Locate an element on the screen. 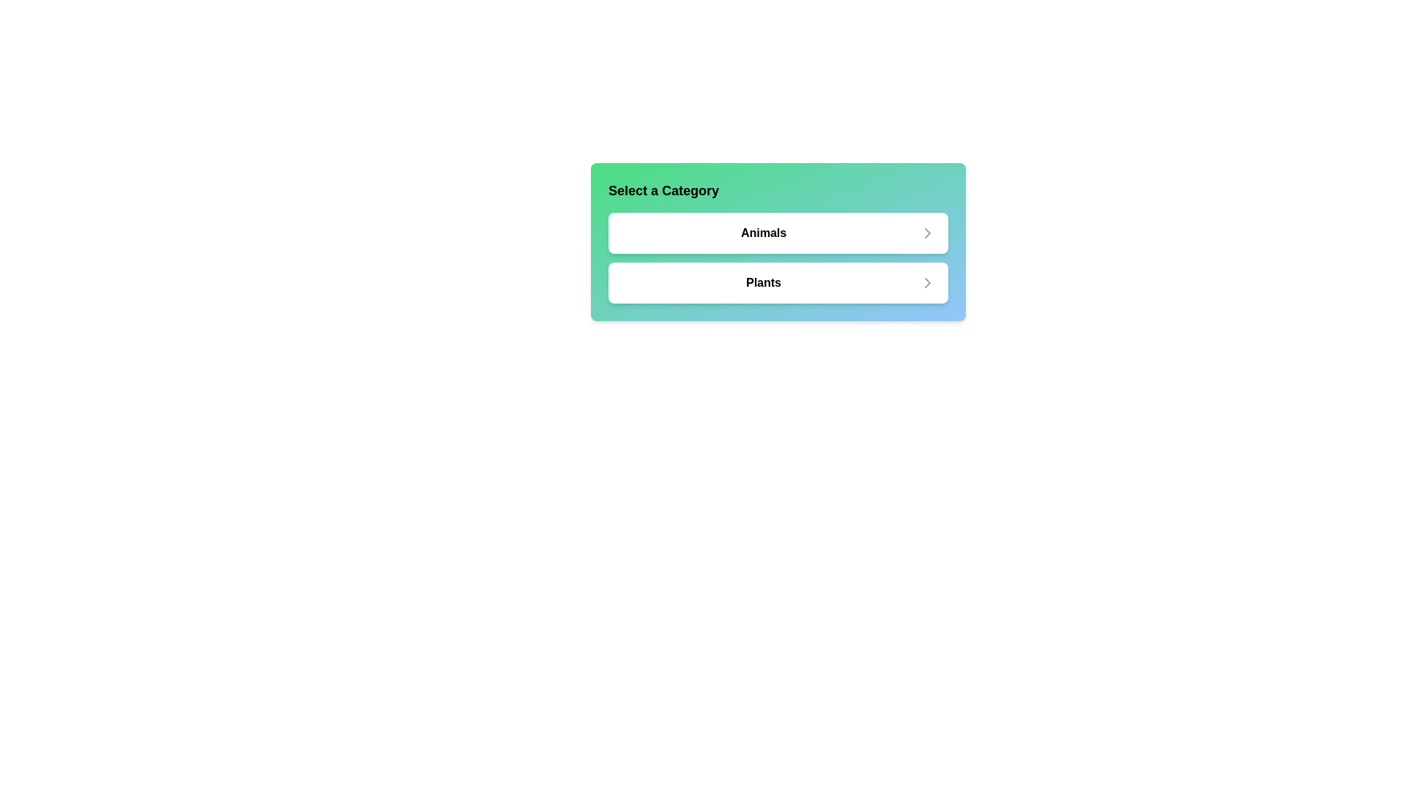 This screenshot has width=1406, height=790. the Right-chevron SVG icon indicating the presence of a sub-menu for the 'Animals' entry is located at coordinates (927, 233).